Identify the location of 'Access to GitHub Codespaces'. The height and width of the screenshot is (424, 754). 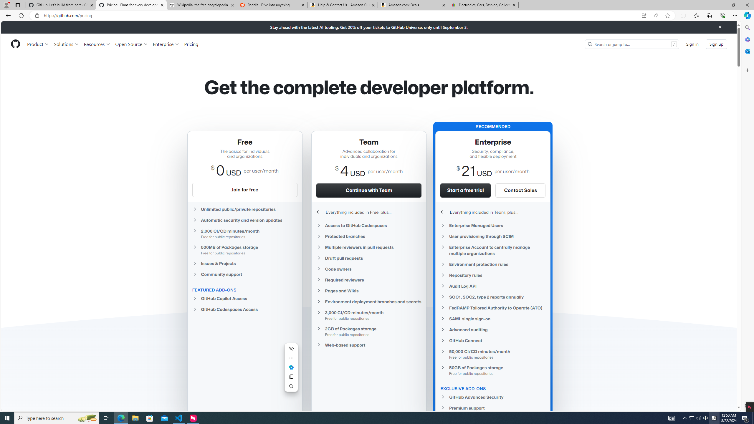
(368, 225).